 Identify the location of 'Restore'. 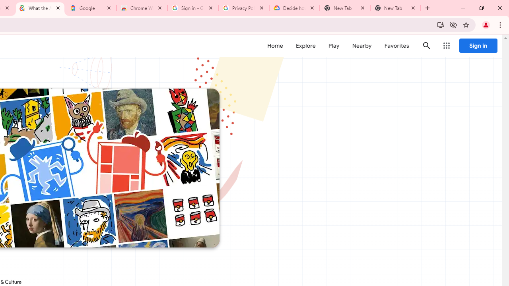
(481, 8).